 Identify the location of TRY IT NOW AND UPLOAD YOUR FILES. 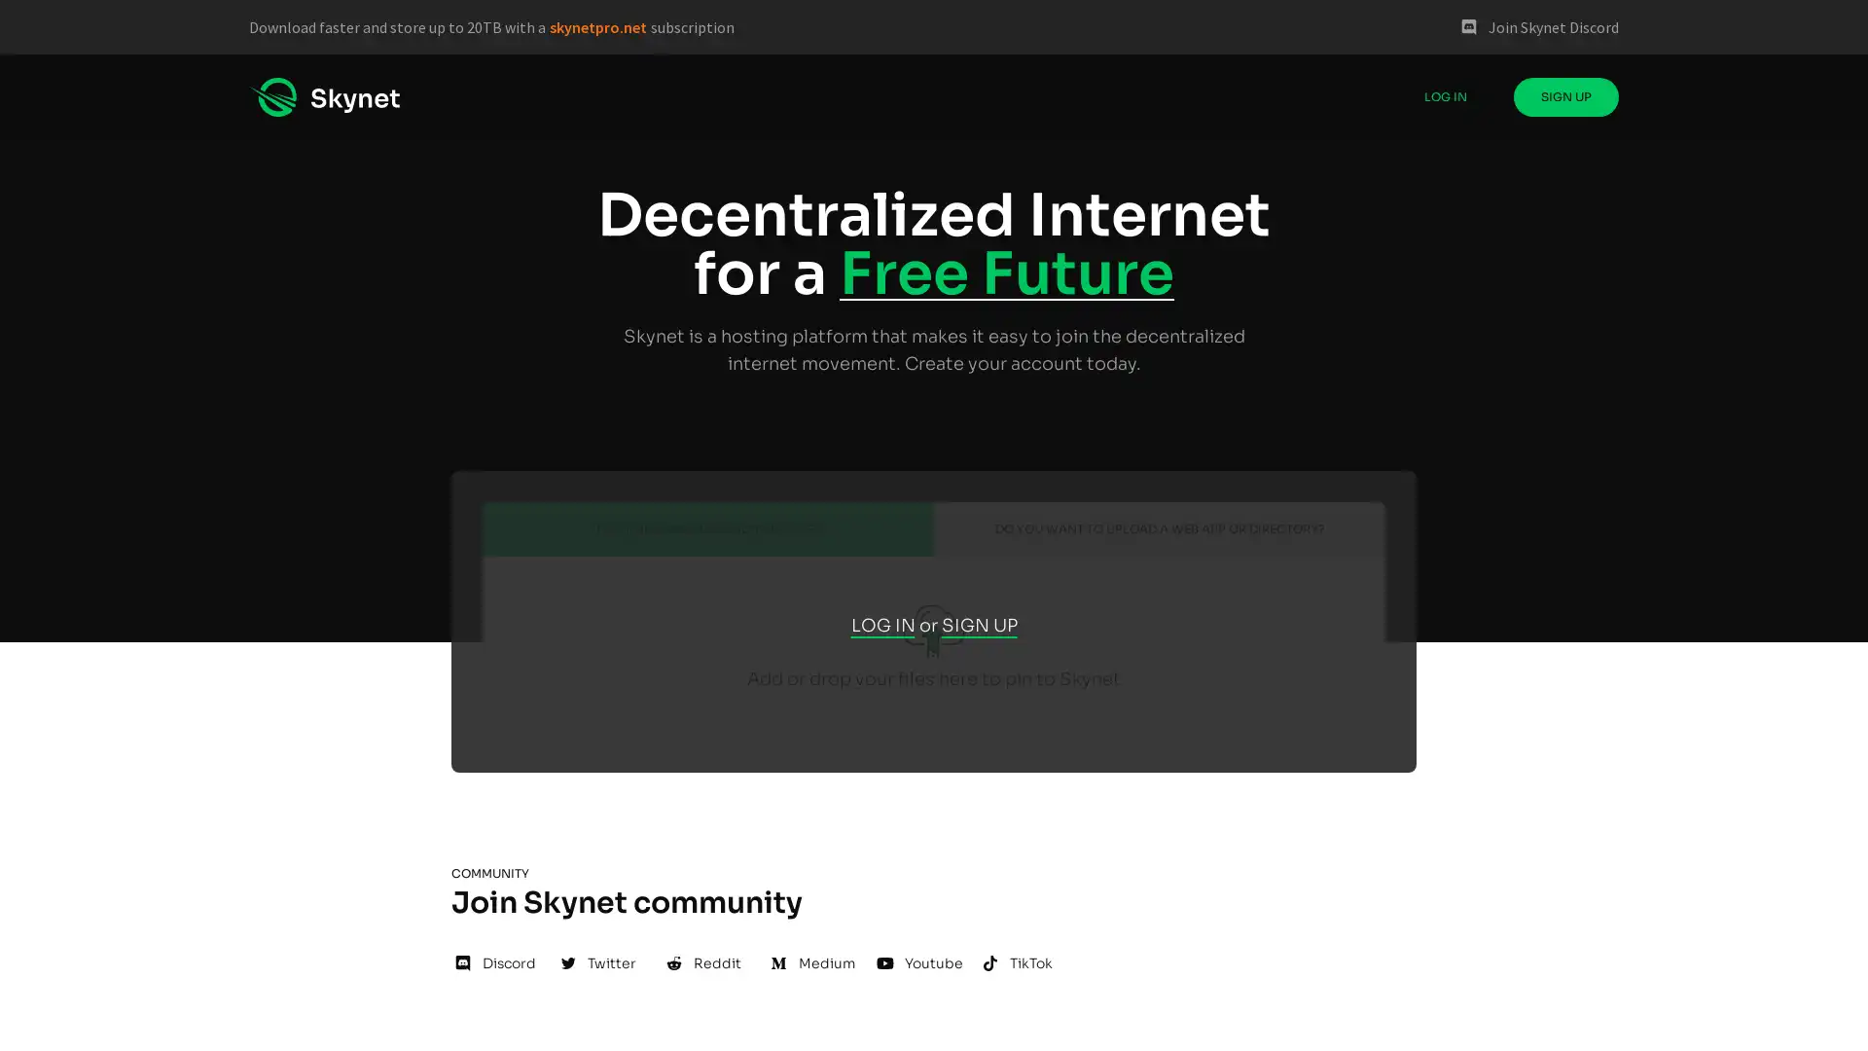
(707, 528).